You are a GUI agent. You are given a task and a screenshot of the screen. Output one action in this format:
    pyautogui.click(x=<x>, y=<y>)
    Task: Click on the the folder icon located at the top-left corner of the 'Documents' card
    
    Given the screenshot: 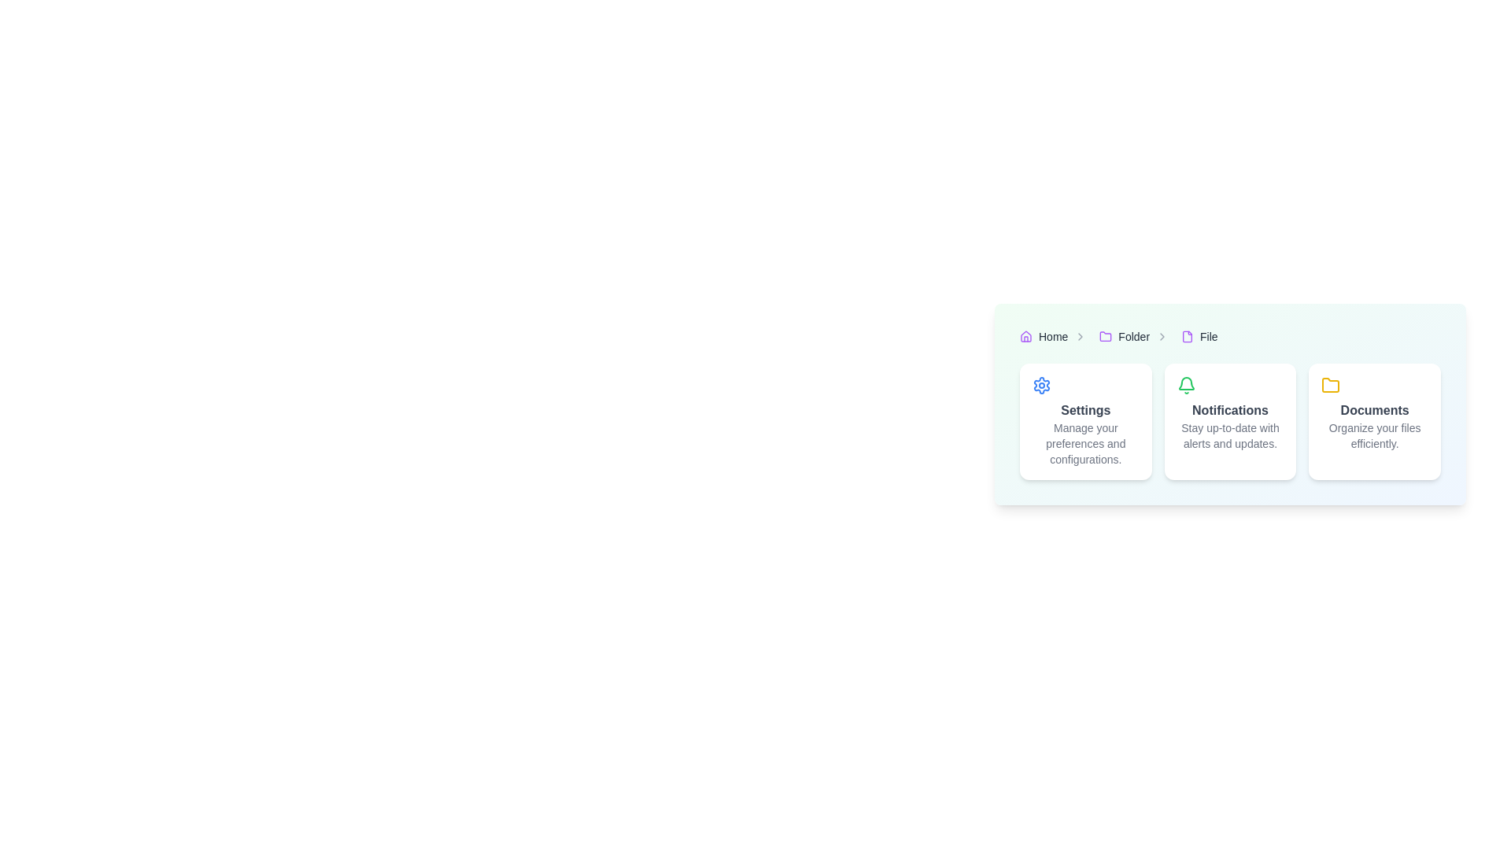 What is the action you would take?
    pyautogui.click(x=1330, y=385)
    